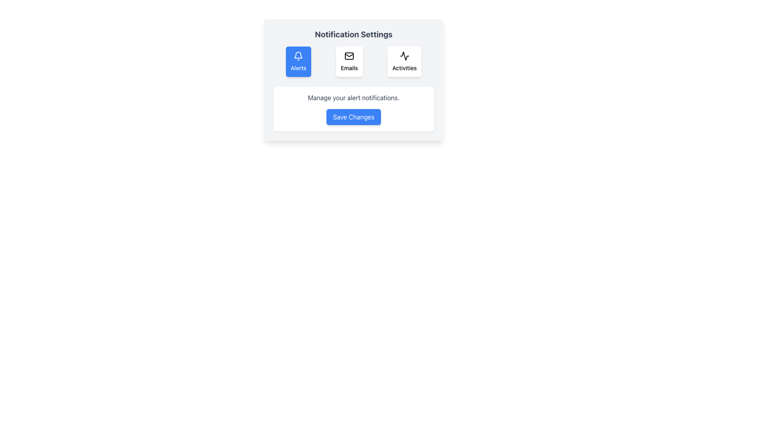 The height and width of the screenshot is (433, 770). Describe the element at coordinates (349, 55) in the screenshot. I see `the envelope icon that represents the email notification feature, located at the top of the 'Emails' button in the Notification Settings` at that location.